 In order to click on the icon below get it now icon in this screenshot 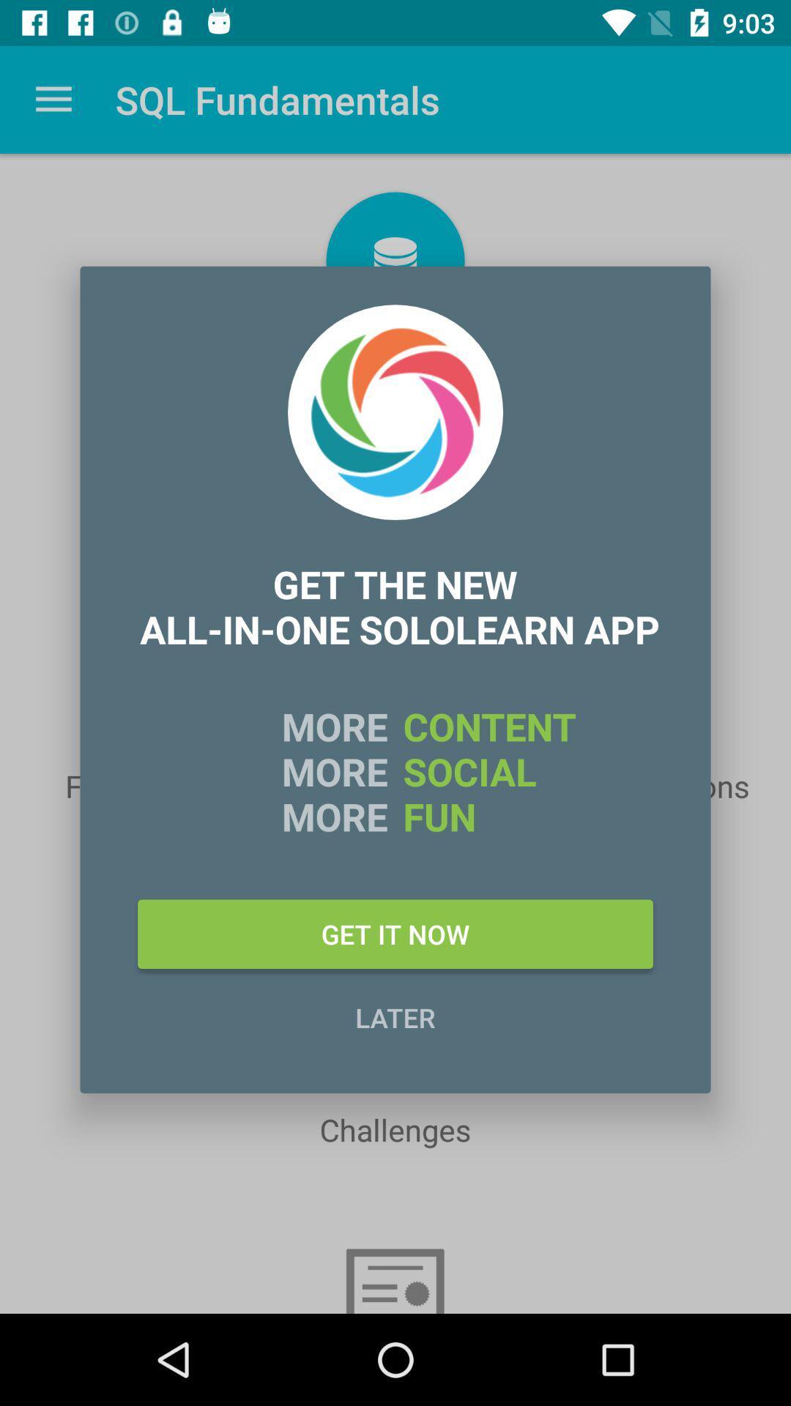, I will do `click(395, 1016)`.